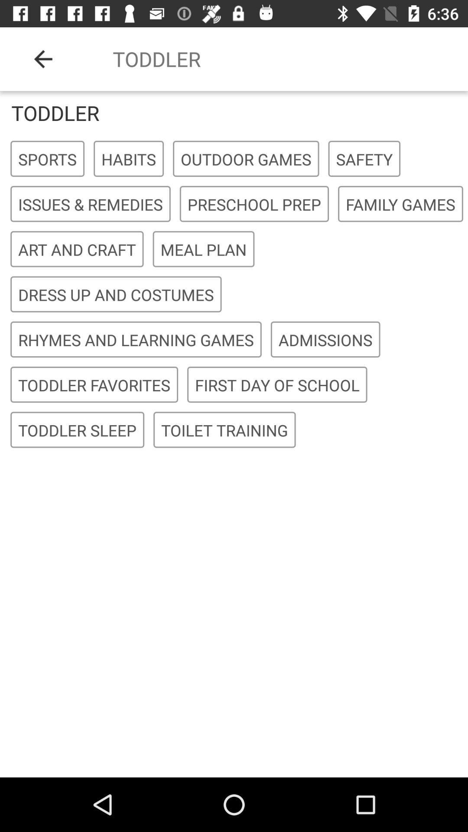 The height and width of the screenshot is (832, 468). What do you see at coordinates (400, 204) in the screenshot?
I see `family games icon` at bounding box center [400, 204].